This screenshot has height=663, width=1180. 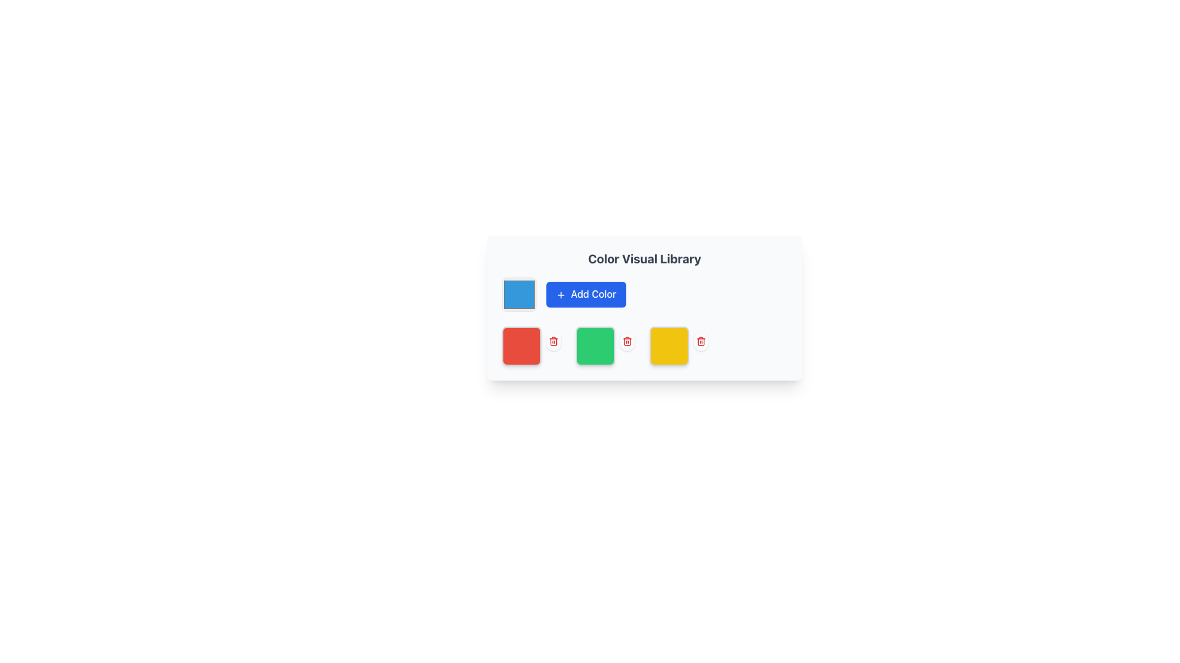 What do you see at coordinates (522, 346) in the screenshot?
I see `the first color swatch in the bottom-left quadrant of the color palette` at bounding box center [522, 346].